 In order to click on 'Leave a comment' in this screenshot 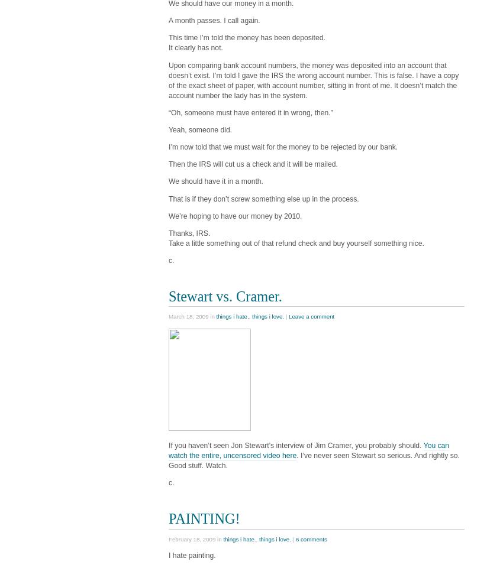, I will do `click(310, 316)`.